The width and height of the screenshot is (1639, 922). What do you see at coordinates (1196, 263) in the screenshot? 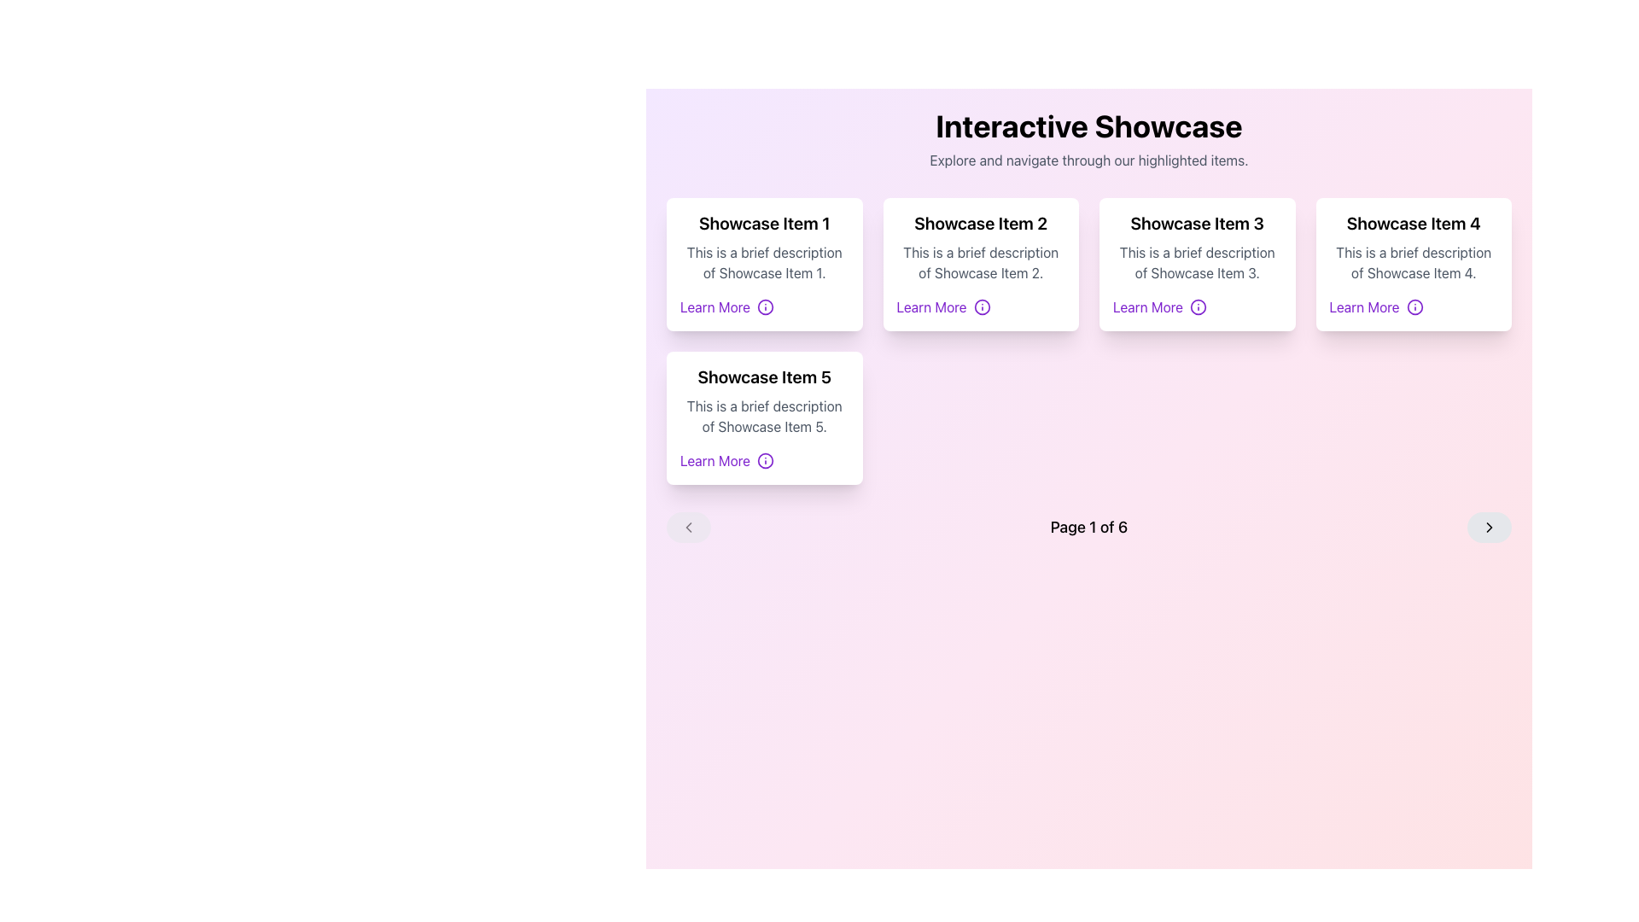
I see `the text block displaying 'This is a brief description of Showcase Item 3.' located in the third card from the left` at bounding box center [1196, 263].